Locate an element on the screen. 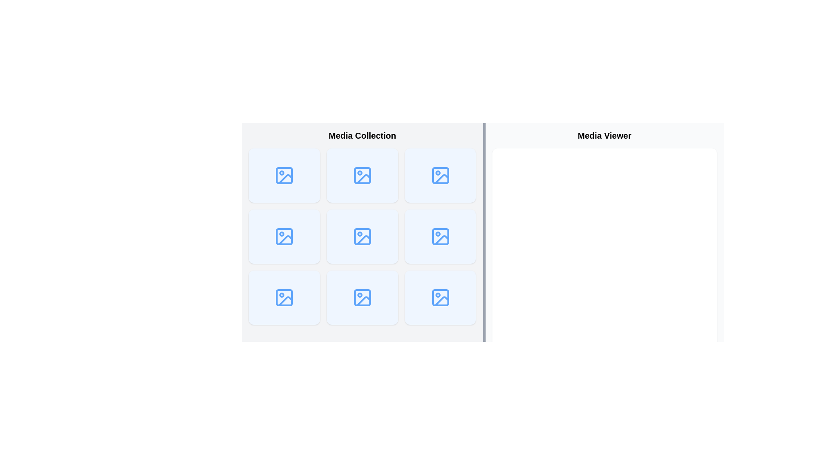 The height and width of the screenshot is (458, 815). the square card with a light blue background that contains an icon of a mountain and sun, located in the third column of the second row within the 'Media Collection' grid is located at coordinates (440, 237).